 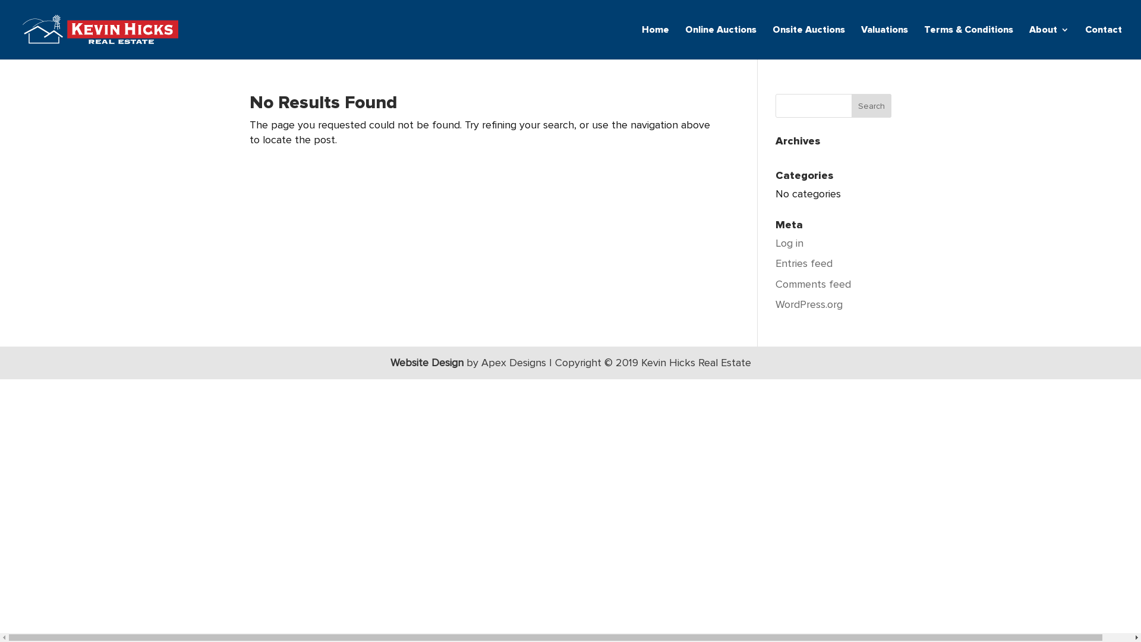 What do you see at coordinates (1029, 42) in the screenshot?
I see `'About'` at bounding box center [1029, 42].